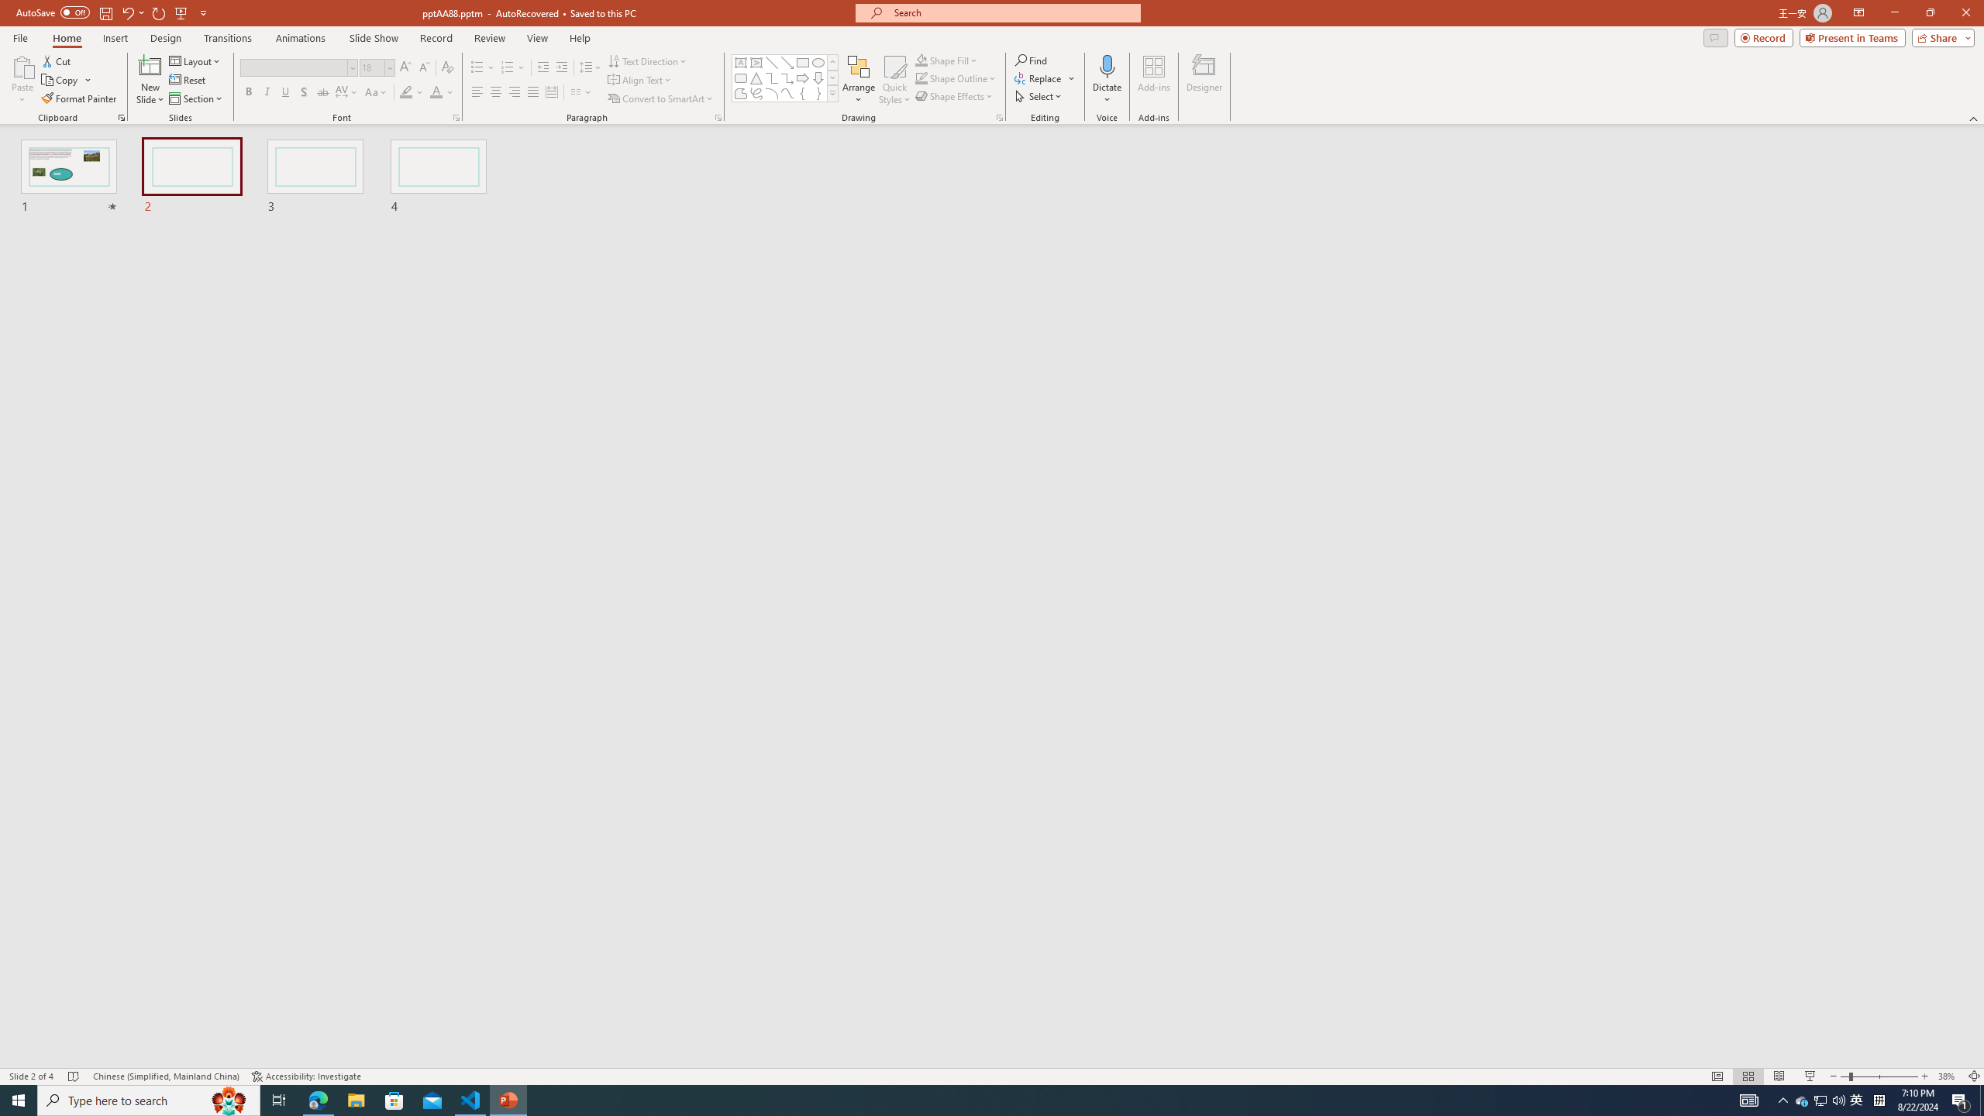 This screenshot has height=1116, width=1984. I want to click on 'Shape Outline Teal, Accent 1', so click(921, 77).